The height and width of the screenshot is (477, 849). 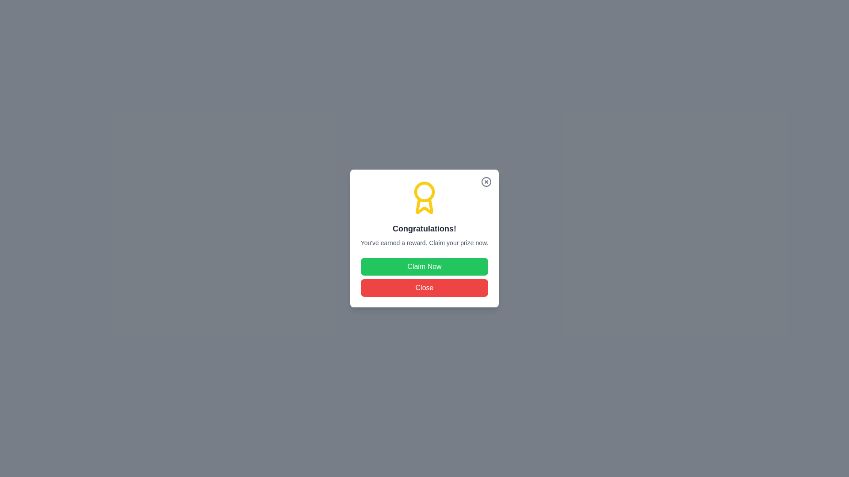 I want to click on the Close button, so click(x=424, y=288).